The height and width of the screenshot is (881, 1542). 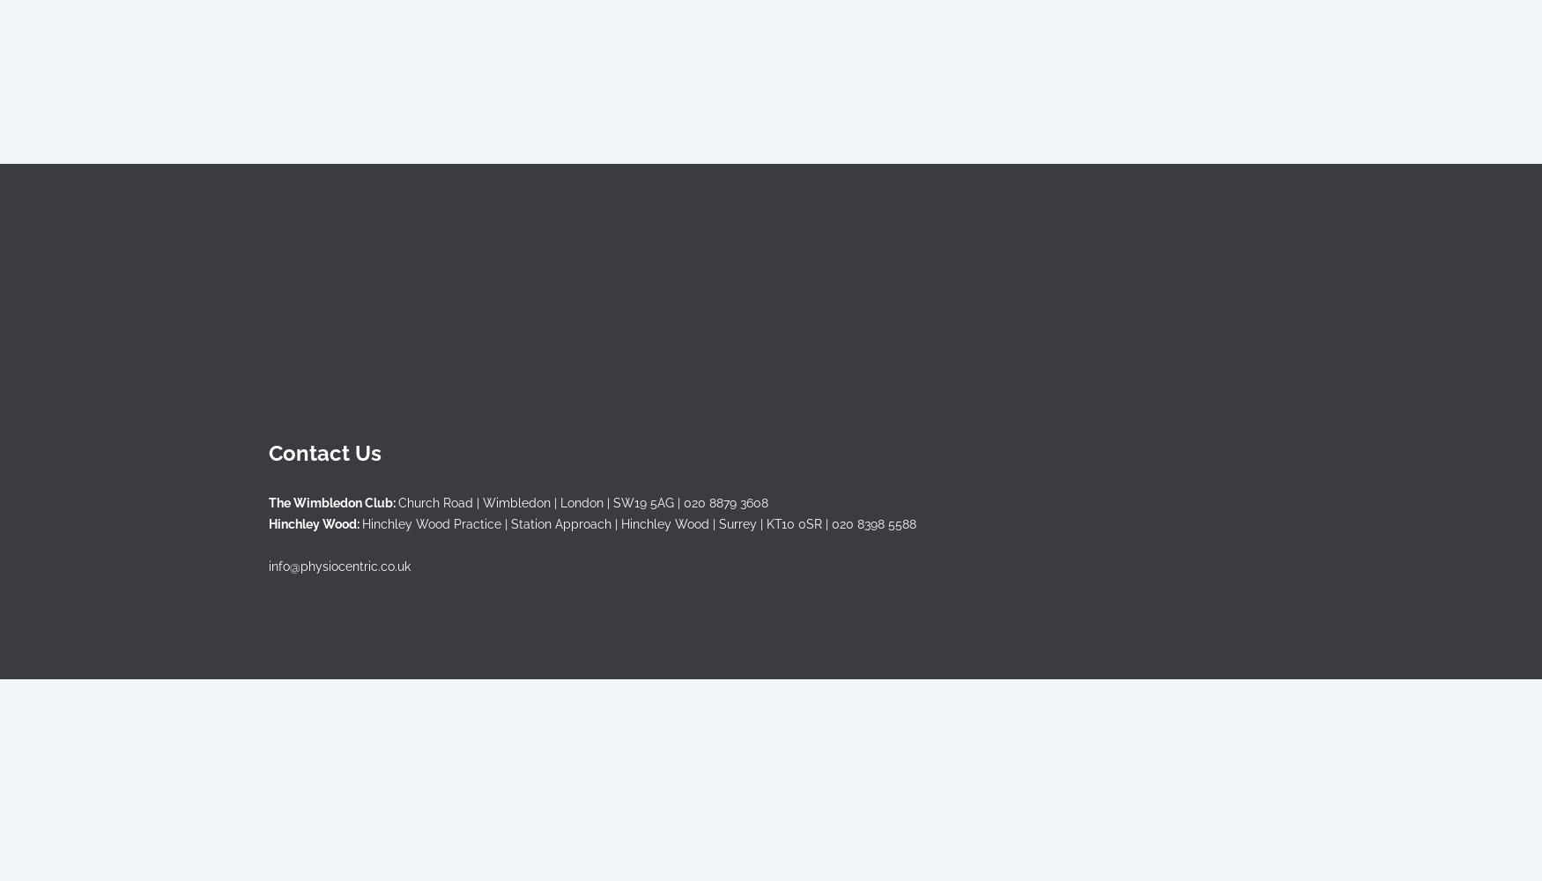 I want to click on 'Physiocentric © 2007 - 2020', so click(x=349, y=640).